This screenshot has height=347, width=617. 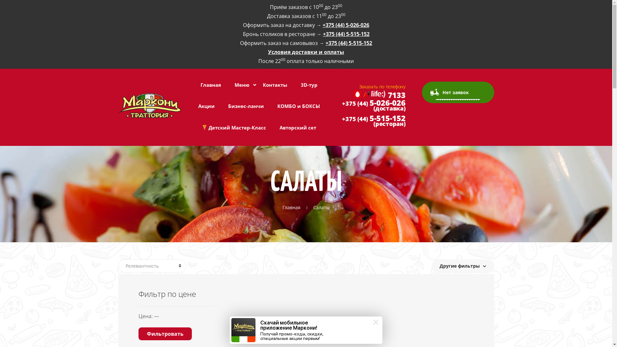 What do you see at coordinates (345, 34) in the screenshot?
I see `'+375 (44) 5-515-152'` at bounding box center [345, 34].